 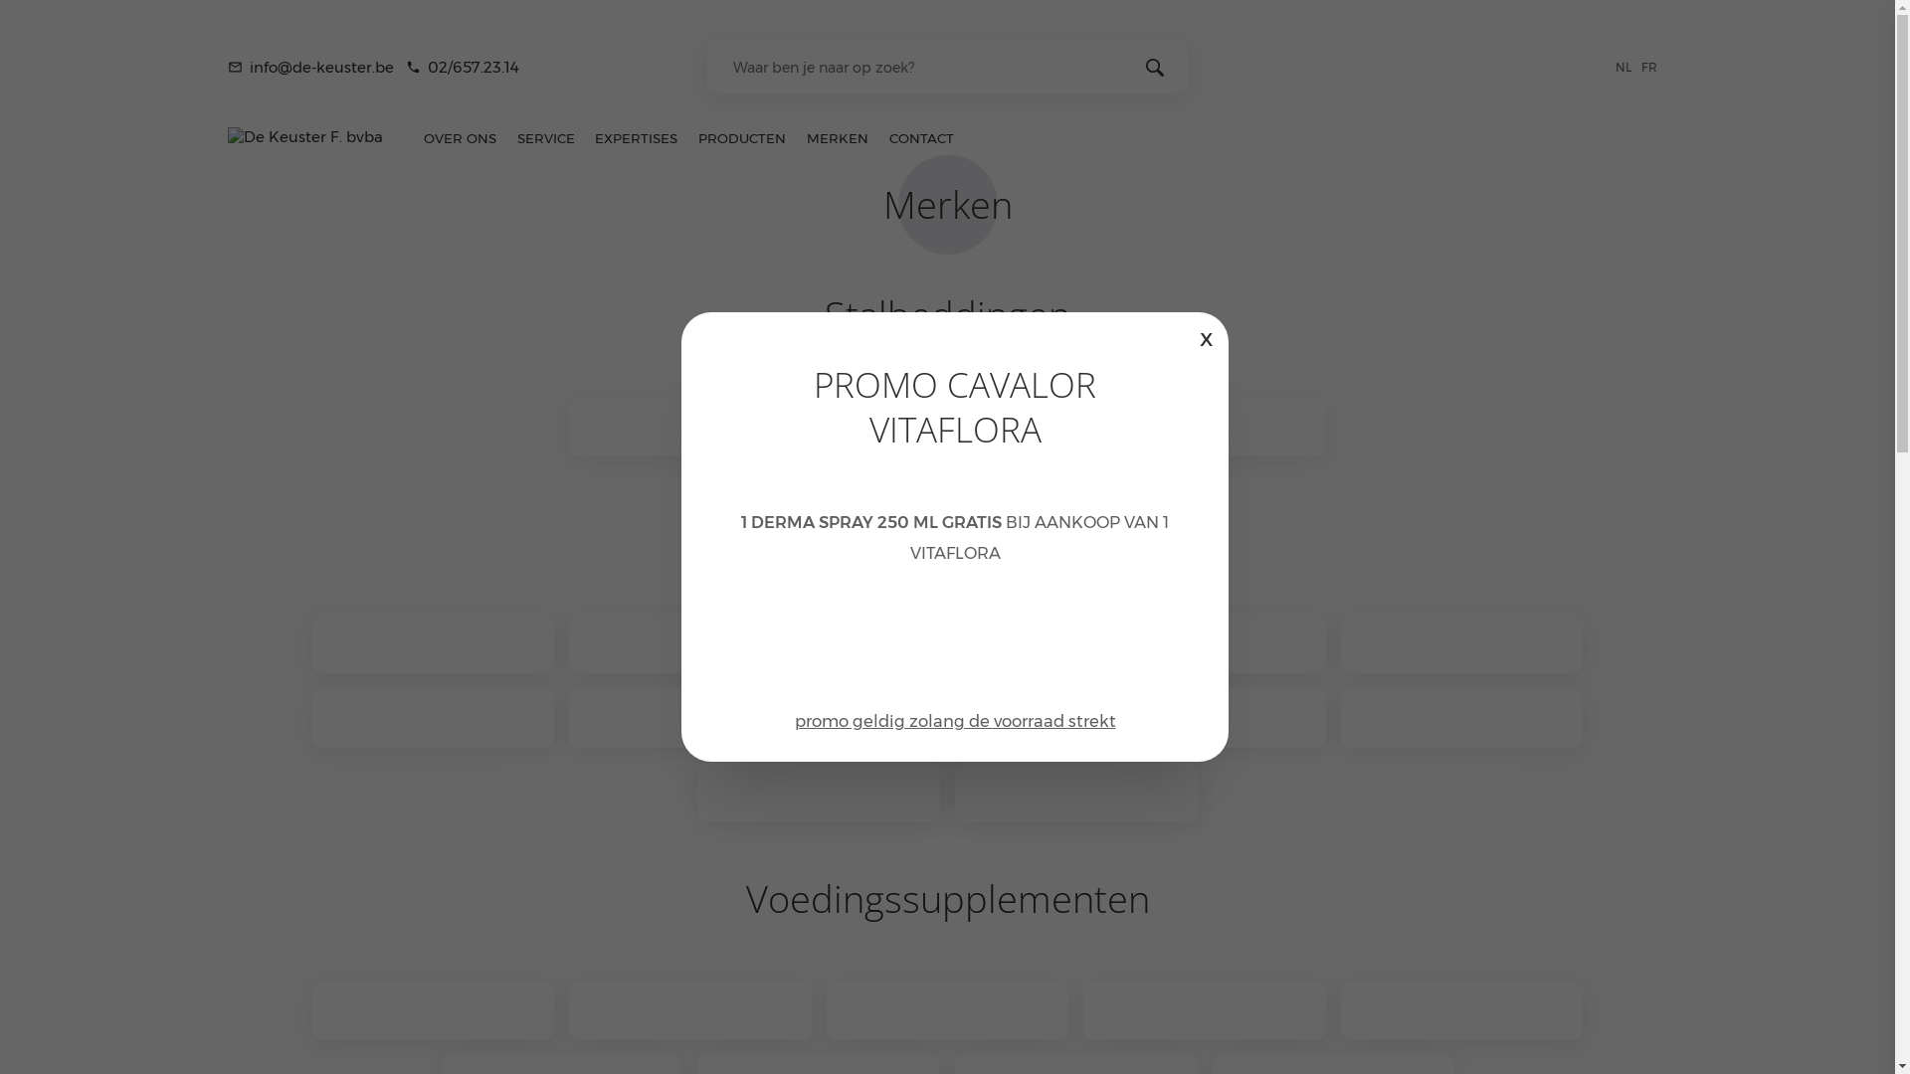 What do you see at coordinates (462, 67) in the screenshot?
I see `'phone` at bounding box center [462, 67].